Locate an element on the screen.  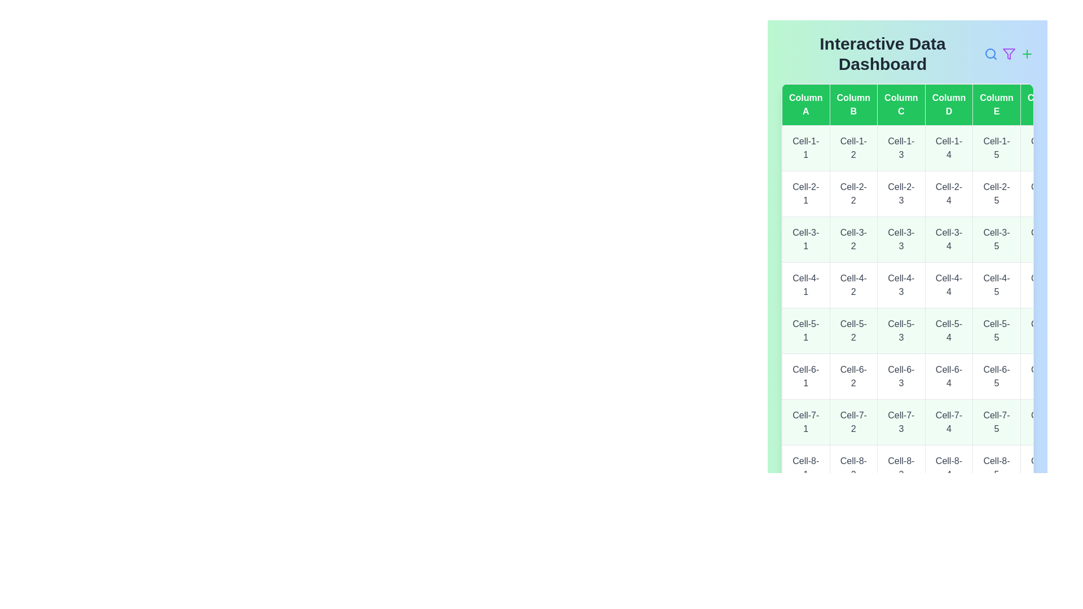
the '+' button to add a new item is located at coordinates (1027, 54).